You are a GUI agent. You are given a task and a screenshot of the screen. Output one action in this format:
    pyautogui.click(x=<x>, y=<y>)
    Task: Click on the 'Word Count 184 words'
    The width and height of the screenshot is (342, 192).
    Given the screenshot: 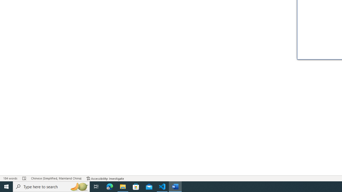 What is the action you would take?
    pyautogui.click(x=10, y=178)
    